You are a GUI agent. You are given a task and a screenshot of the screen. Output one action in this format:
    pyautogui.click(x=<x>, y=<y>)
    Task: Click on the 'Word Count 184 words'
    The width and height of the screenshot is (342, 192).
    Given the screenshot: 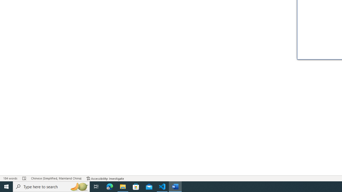 What is the action you would take?
    pyautogui.click(x=10, y=178)
    